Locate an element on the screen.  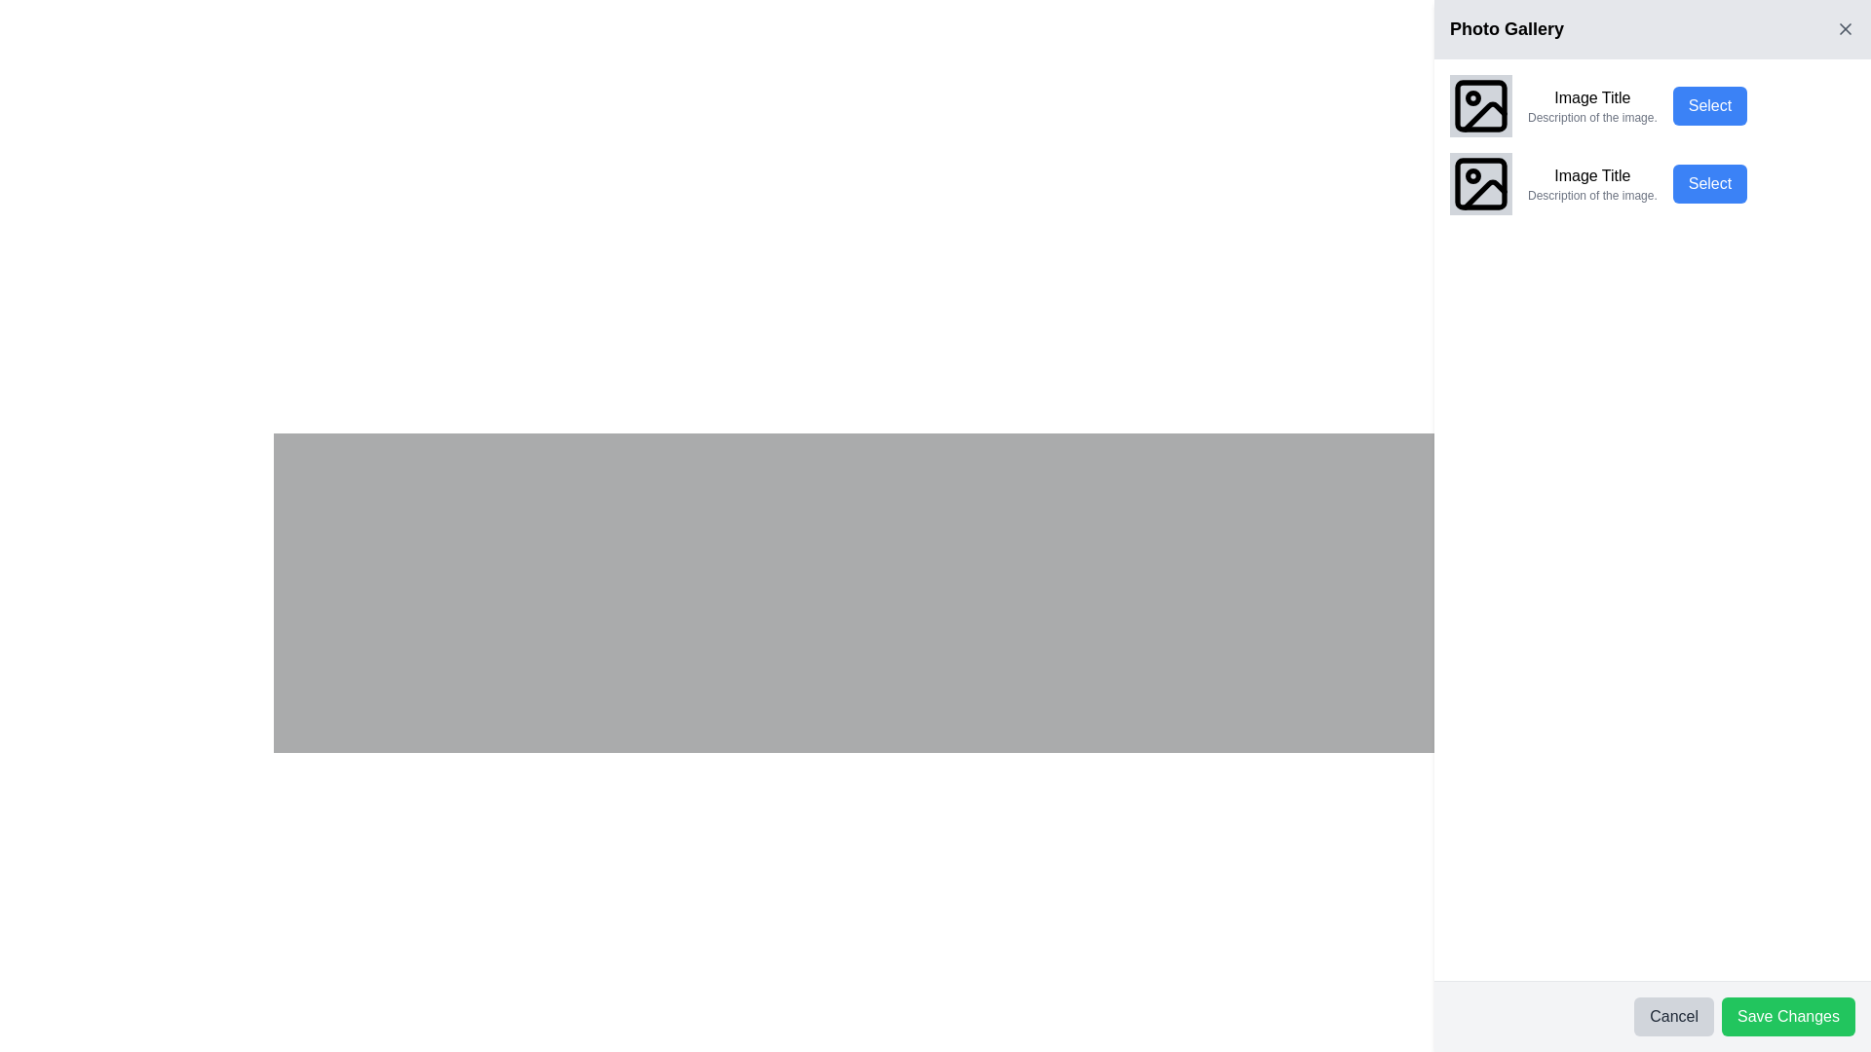
the second text block containing the title and subtitle for an image in the 'Photo Gallery' modal to enhance accessibility is located at coordinates (1592, 184).